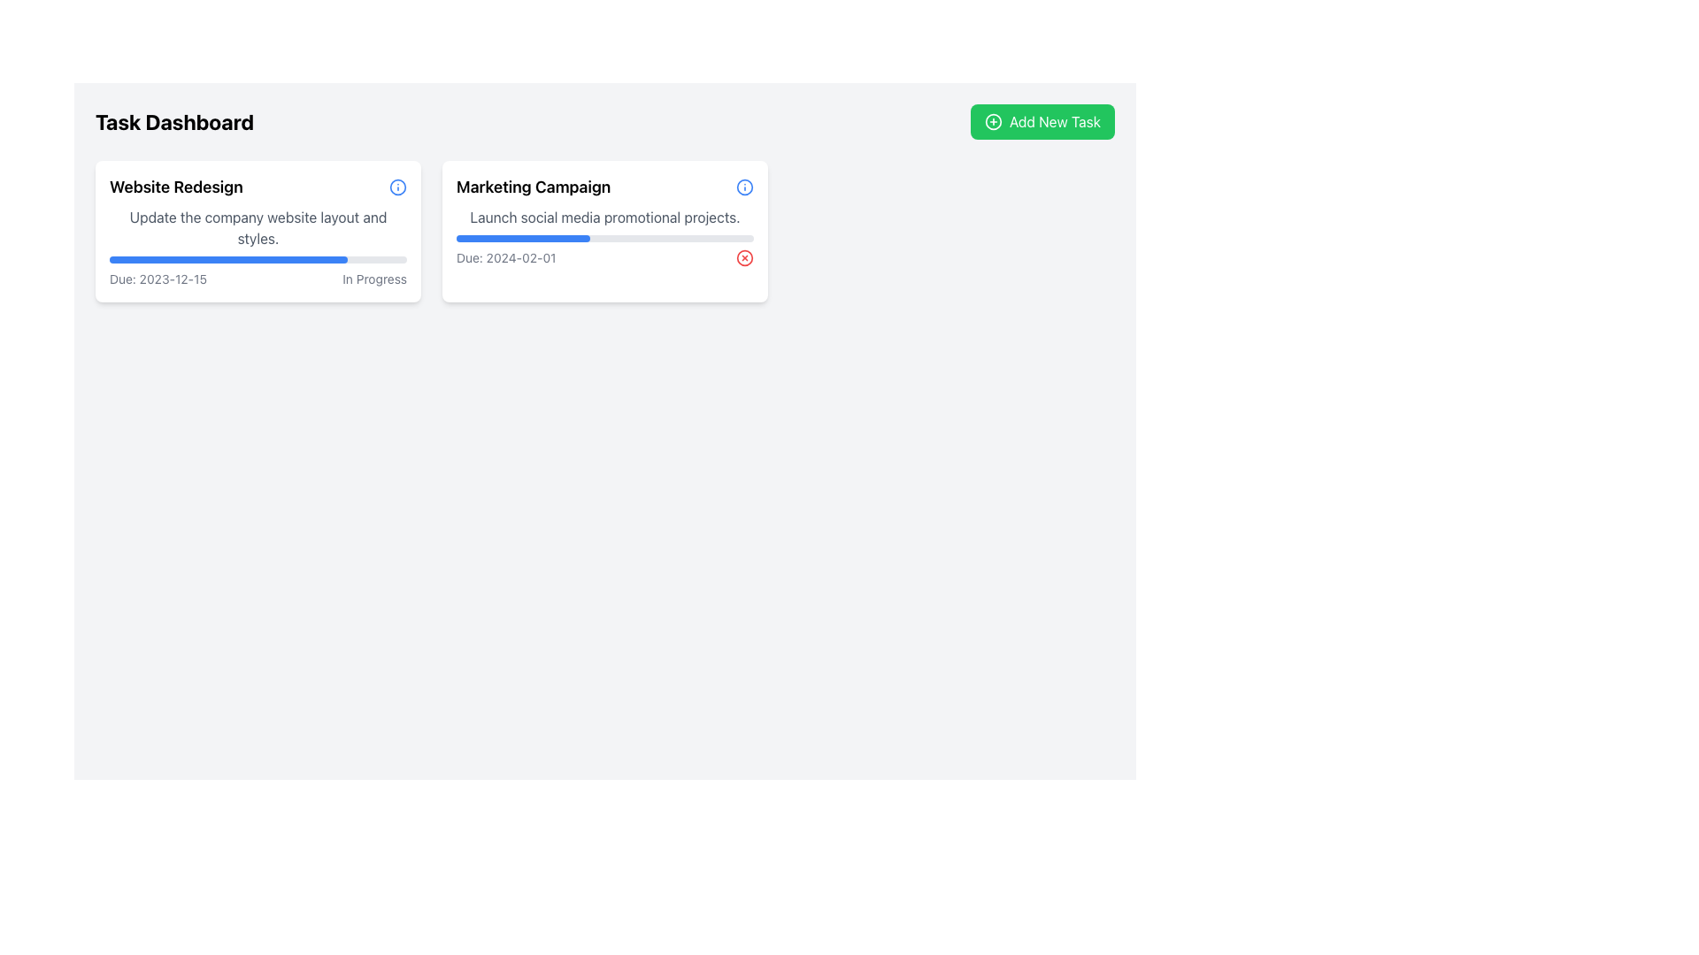  Describe the element at coordinates (258, 259) in the screenshot. I see `the Progress bar indicating the completion status of the 'Website Redesign' task, which is visually represented with a filled blue portion` at that location.